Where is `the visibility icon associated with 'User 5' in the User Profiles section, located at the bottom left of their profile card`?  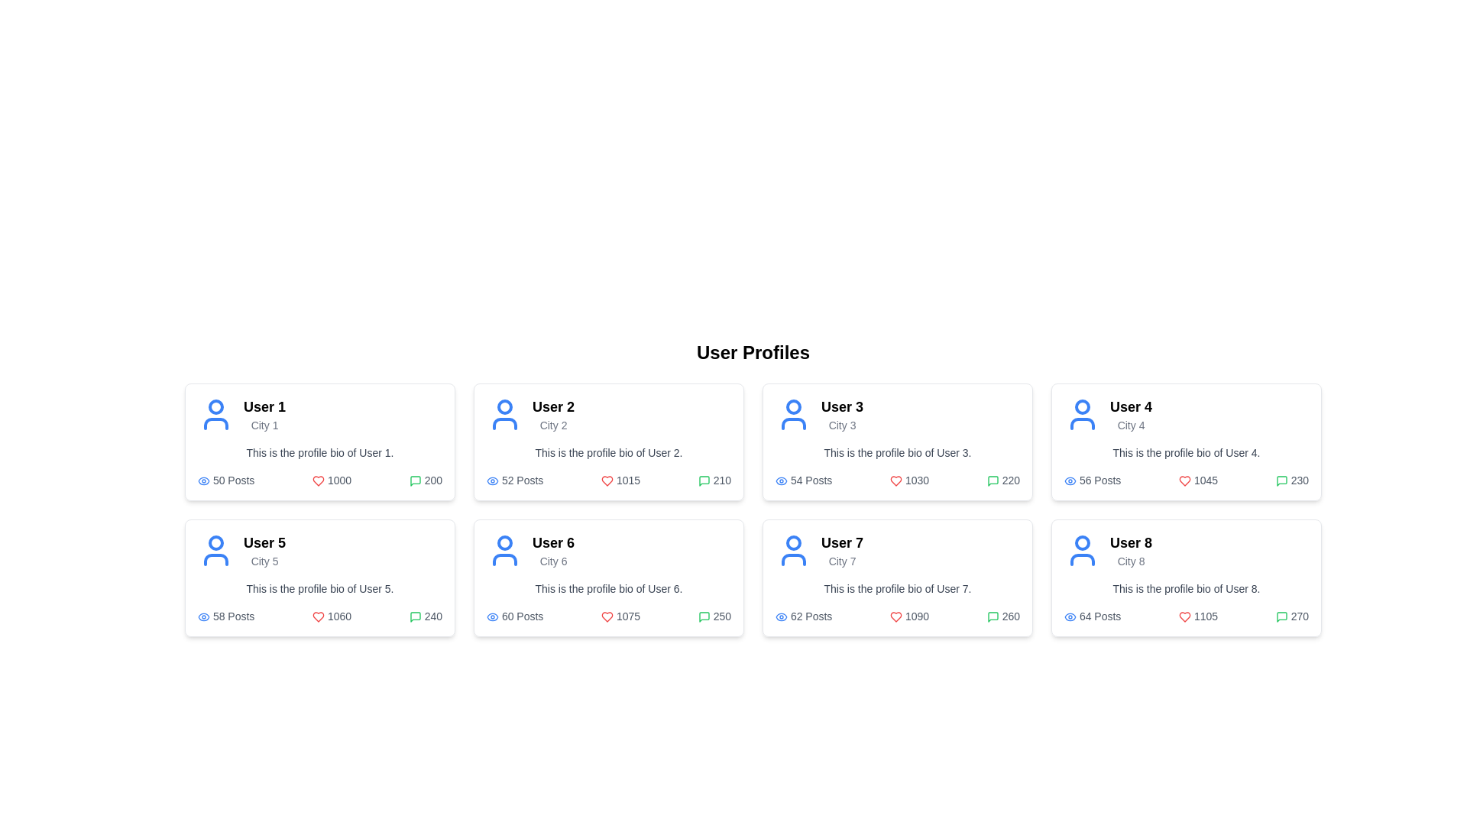 the visibility icon associated with 'User 5' in the User Profiles section, located at the bottom left of their profile card is located at coordinates (203, 616).